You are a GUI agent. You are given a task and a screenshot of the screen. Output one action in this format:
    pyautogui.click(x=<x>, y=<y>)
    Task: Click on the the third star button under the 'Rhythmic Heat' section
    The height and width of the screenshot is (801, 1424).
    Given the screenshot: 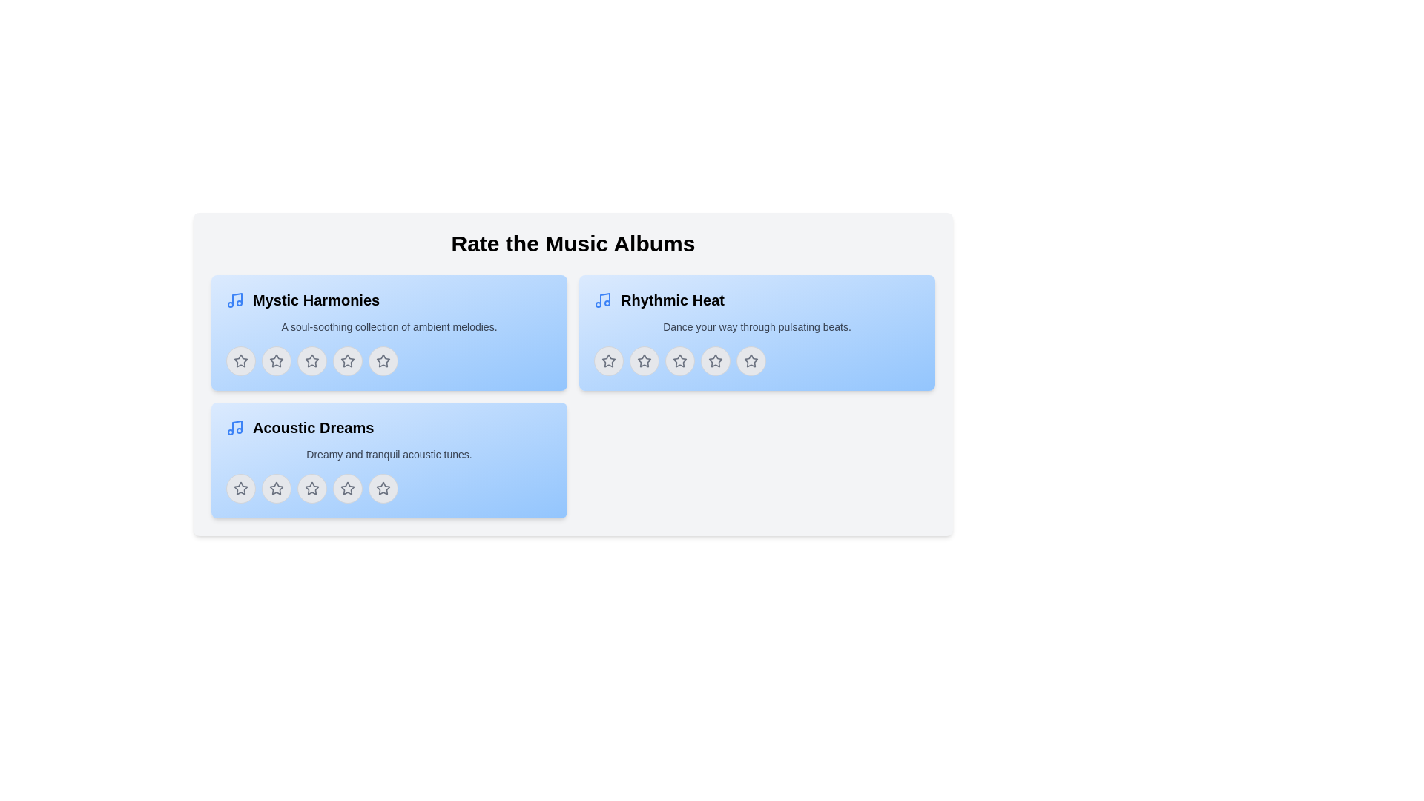 What is the action you would take?
    pyautogui.click(x=679, y=360)
    